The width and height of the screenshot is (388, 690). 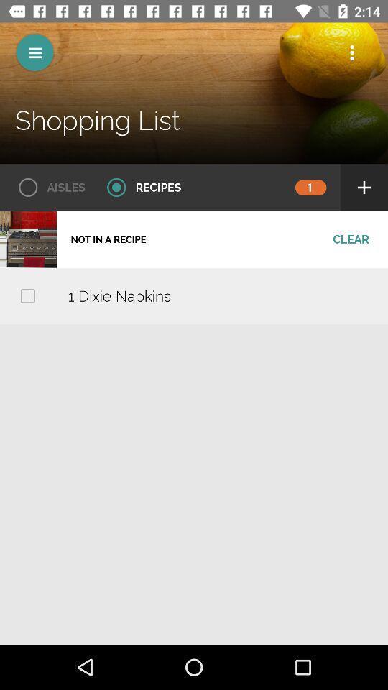 What do you see at coordinates (350, 239) in the screenshot?
I see `clear item` at bounding box center [350, 239].